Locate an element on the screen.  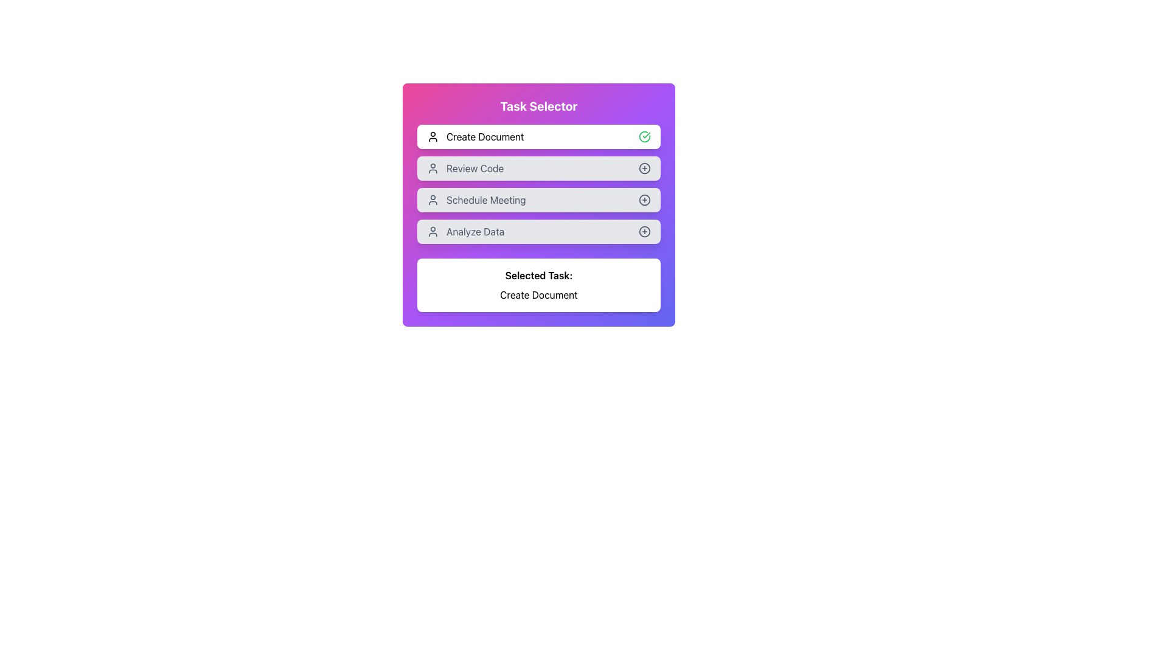
the circular icon button with a central plus sign located at the end of the 'Schedule Meeting' option row is located at coordinates (644, 199).